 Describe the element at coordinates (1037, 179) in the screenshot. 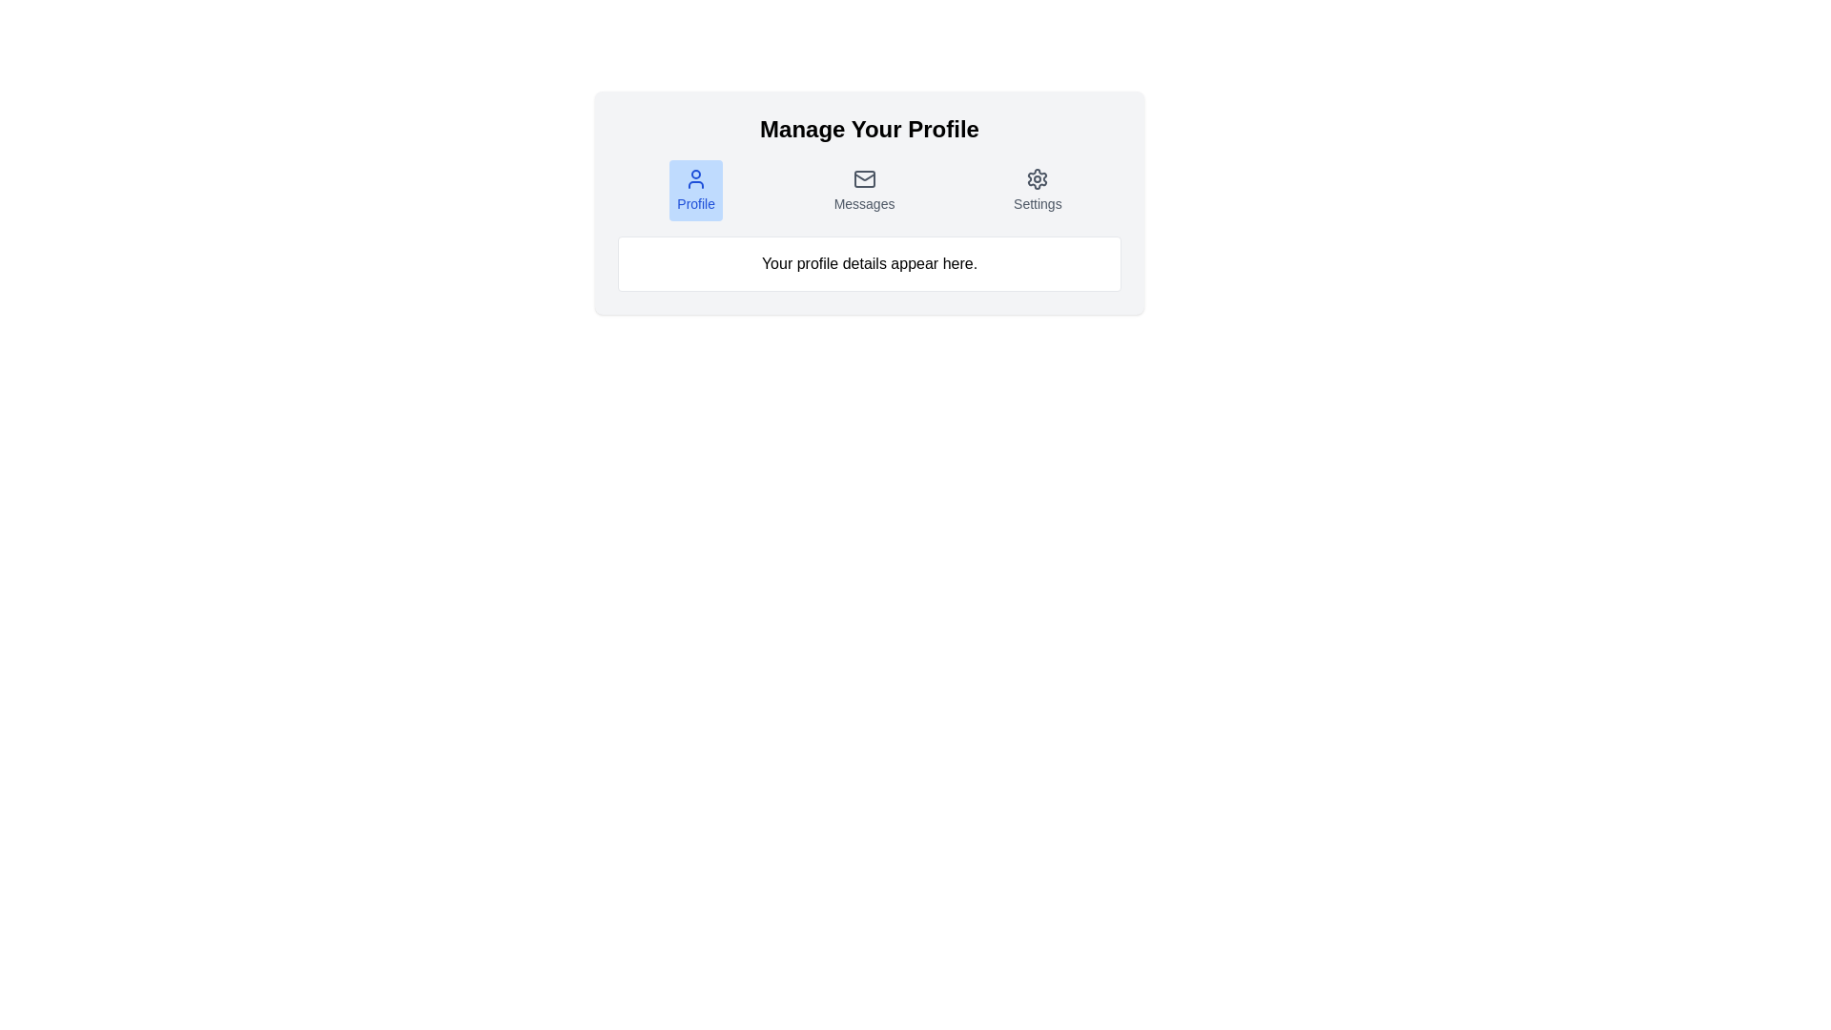

I see `the minimalist gear icon representing the settings functionality, located in the 'Manage Your Profile' section, above the 'Settings' label` at that location.